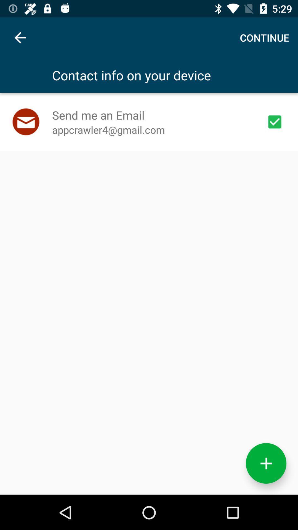 The height and width of the screenshot is (530, 298). What do you see at coordinates (275, 121) in the screenshot?
I see `item below contact info on icon` at bounding box center [275, 121].